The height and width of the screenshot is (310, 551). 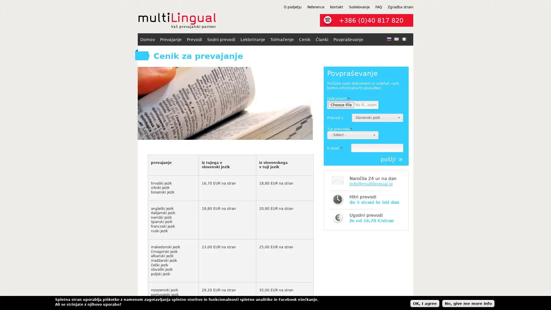 What do you see at coordinates (468, 303) in the screenshot?
I see `No, give me more info` at bounding box center [468, 303].